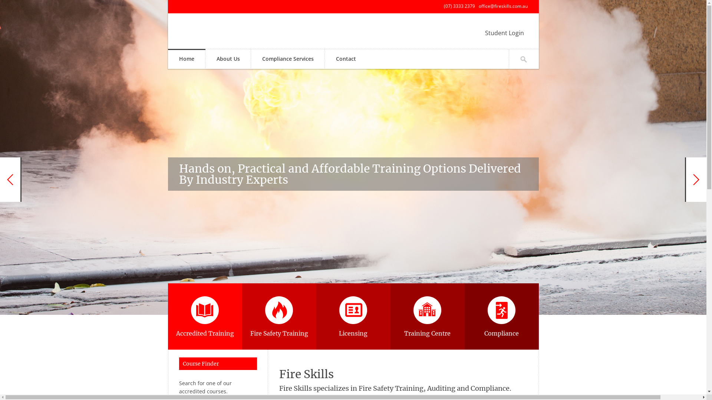  What do you see at coordinates (459, 6) in the screenshot?
I see `'(07) 3333 2379'` at bounding box center [459, 6].